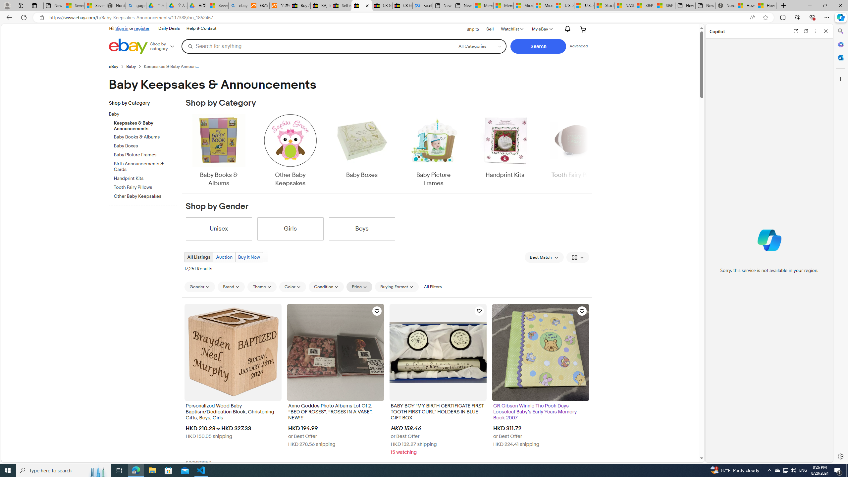 The width and height of the screenshot is (848, 477). What do you see at coordinates (341, 5) in the screenshot?
I see `'Sell worldwide with eBay'` at bounding box center [341, 5].